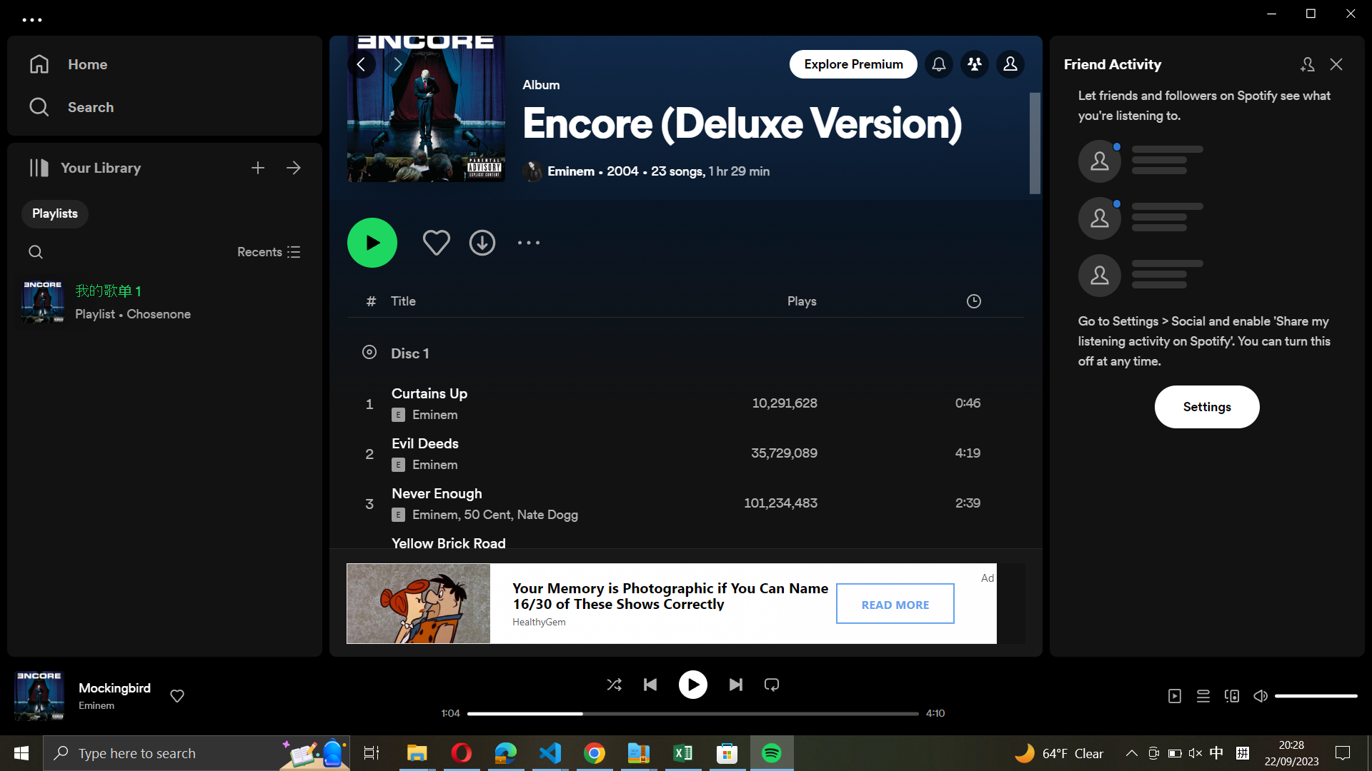  What do you see at coordinates (1206, 405) in the screenshot?
I see `the settings option` at bounding box center [1206, 405].